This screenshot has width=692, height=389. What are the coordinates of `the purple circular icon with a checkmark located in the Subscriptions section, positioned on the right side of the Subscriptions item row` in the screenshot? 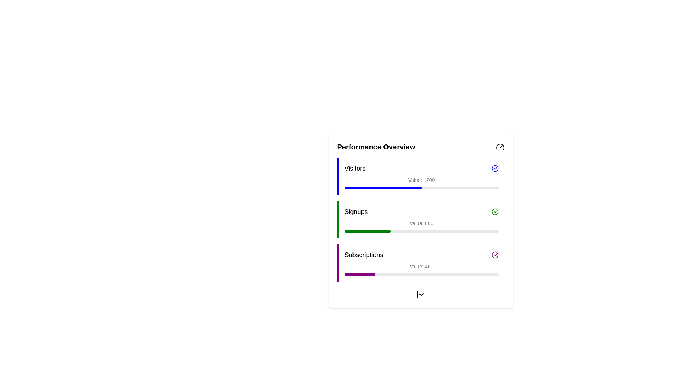 It's located at (494, 255).